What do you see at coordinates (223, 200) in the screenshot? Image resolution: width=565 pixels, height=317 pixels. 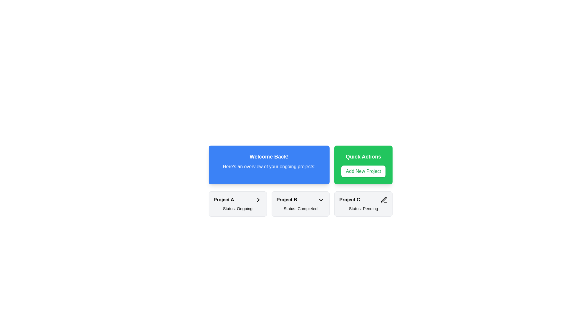 I see `text label that identifies the project on the leftmost card in a row of three similar cards` at bounding box center [223, 200].